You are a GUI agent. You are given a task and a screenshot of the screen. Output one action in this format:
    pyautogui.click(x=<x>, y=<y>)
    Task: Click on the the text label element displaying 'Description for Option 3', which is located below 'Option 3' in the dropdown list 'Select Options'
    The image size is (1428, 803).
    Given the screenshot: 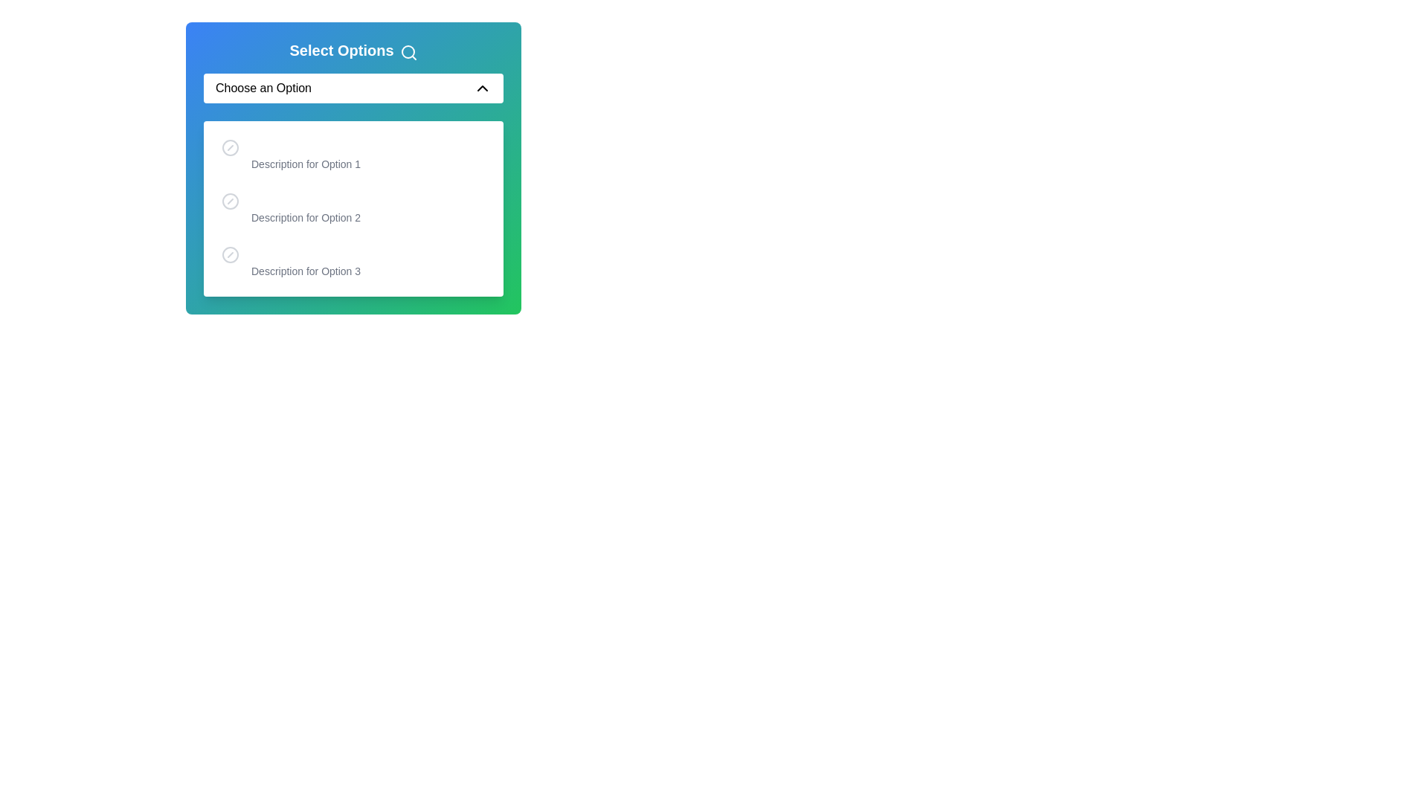 What is the action you would take?
    pyautogui.click(x=305, y=271)
    